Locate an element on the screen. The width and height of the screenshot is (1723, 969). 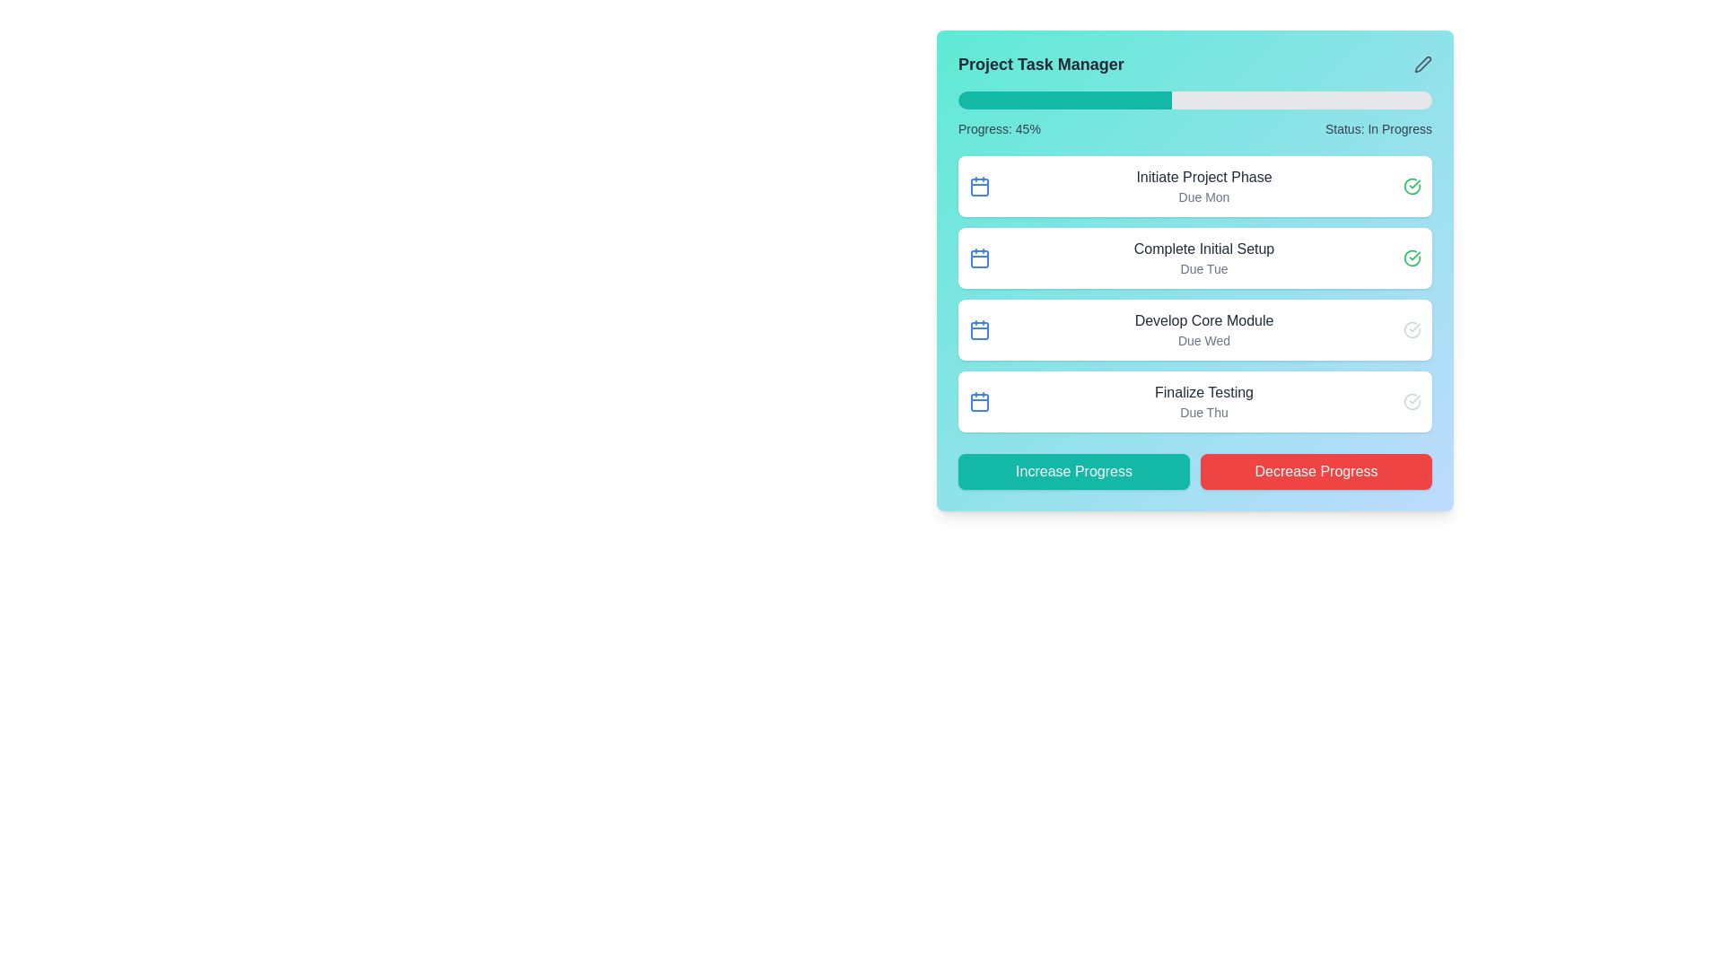
text label displaying 'Complete Initial Setup' which is styled in medium-weight font and dark gray color, located above the 'Due Tue' label in the second task item of the Project Task Manager is located at coordinates (1204, 249).